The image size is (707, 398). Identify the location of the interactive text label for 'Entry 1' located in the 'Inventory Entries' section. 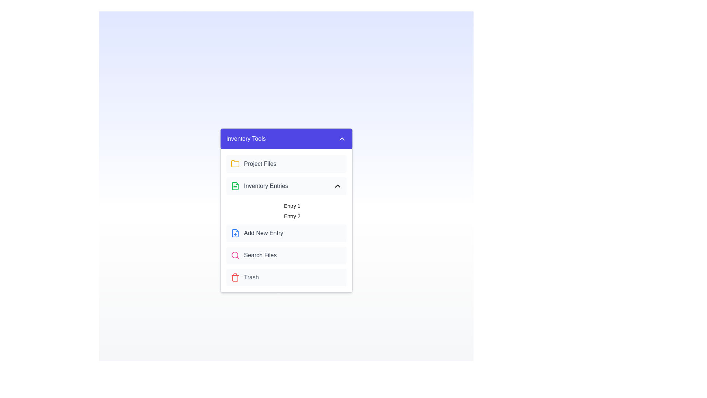
(292, 206).